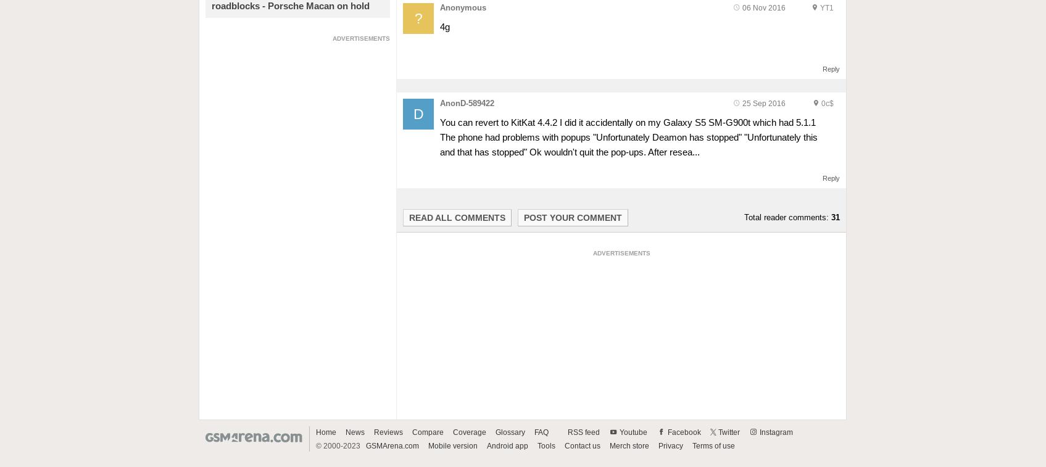  Describe the element at coordinates (828, 102) in the screenshot. I see `'0c$'` at that location.